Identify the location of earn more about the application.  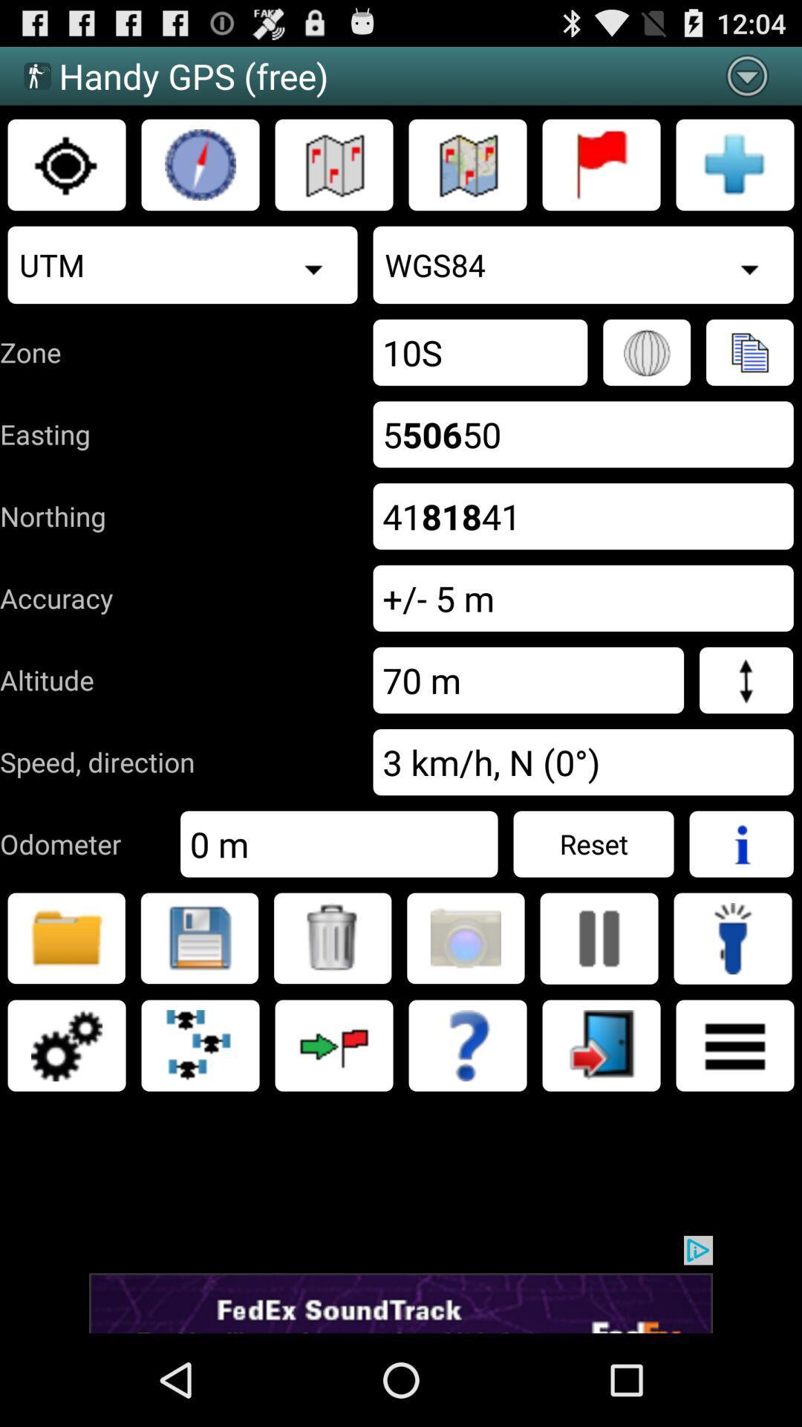
(466, 1044).